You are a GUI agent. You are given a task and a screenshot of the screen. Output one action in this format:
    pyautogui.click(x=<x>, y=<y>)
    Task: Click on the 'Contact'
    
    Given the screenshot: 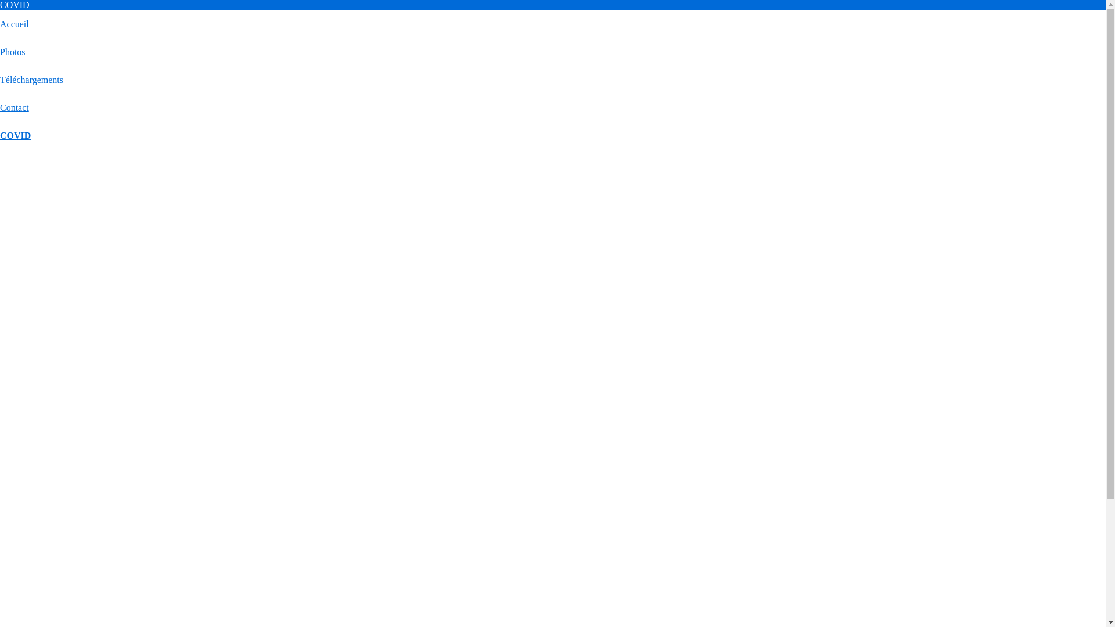 What is the action you would take?
    pyautogui.click(x=14, y=107)
    